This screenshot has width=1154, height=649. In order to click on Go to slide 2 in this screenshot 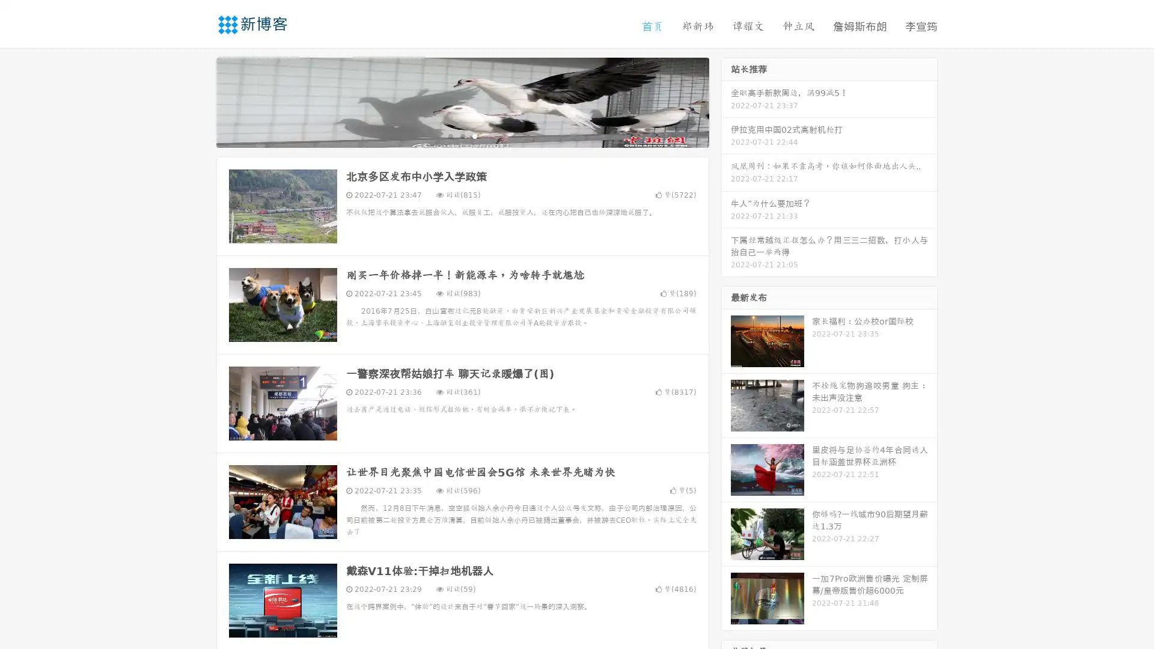, I will do `click(462, 135)`.